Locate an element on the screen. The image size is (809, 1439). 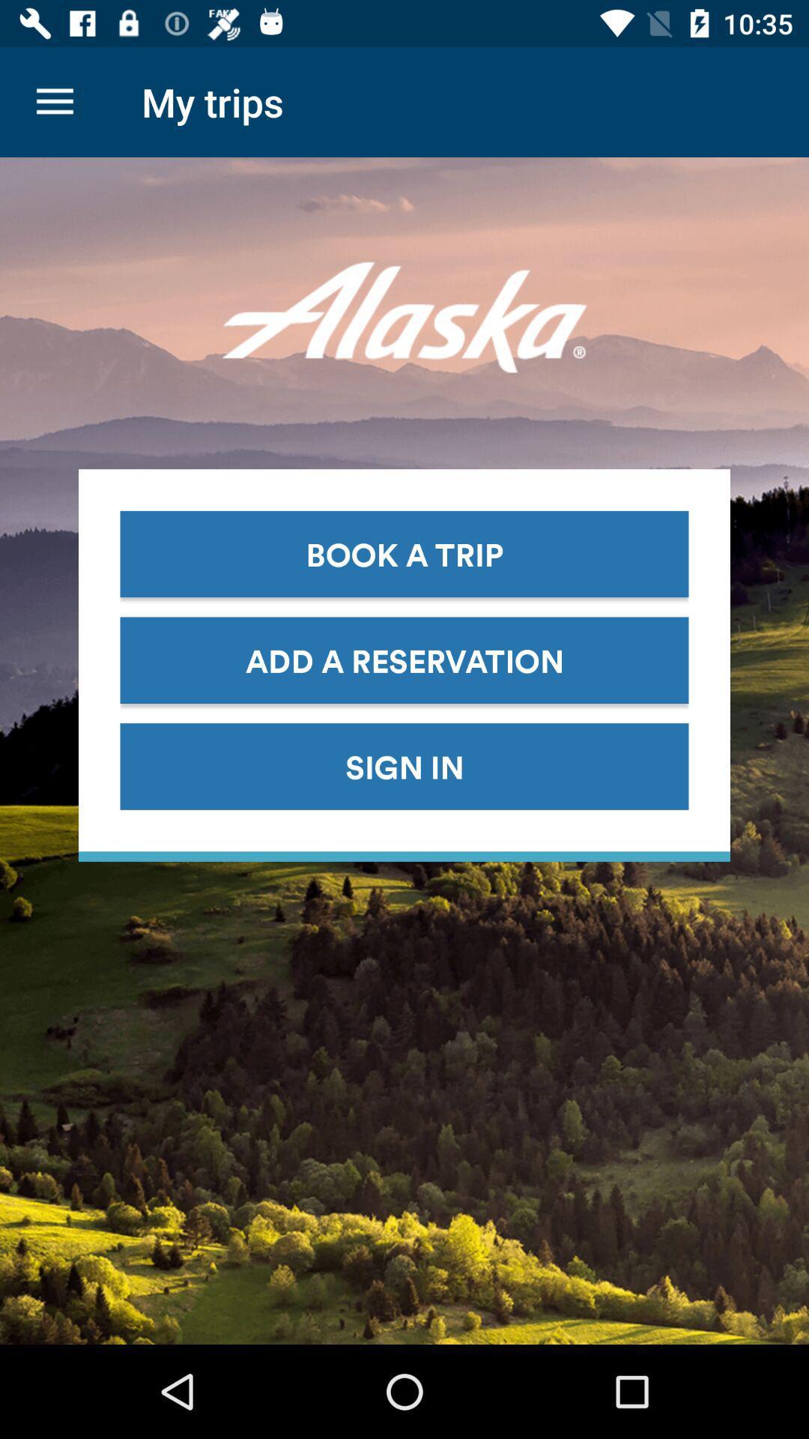
the icon next to my trips icon is located at coordinates (54, 101).